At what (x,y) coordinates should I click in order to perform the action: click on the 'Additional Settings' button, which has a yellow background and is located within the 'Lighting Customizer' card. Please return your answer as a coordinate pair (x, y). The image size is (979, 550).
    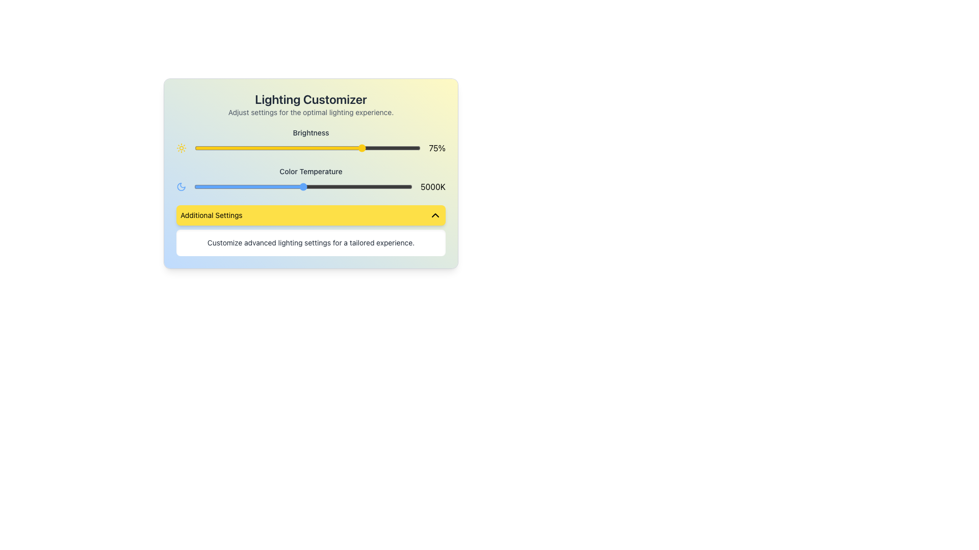
    Looking at the image, I should click on (310, 215).